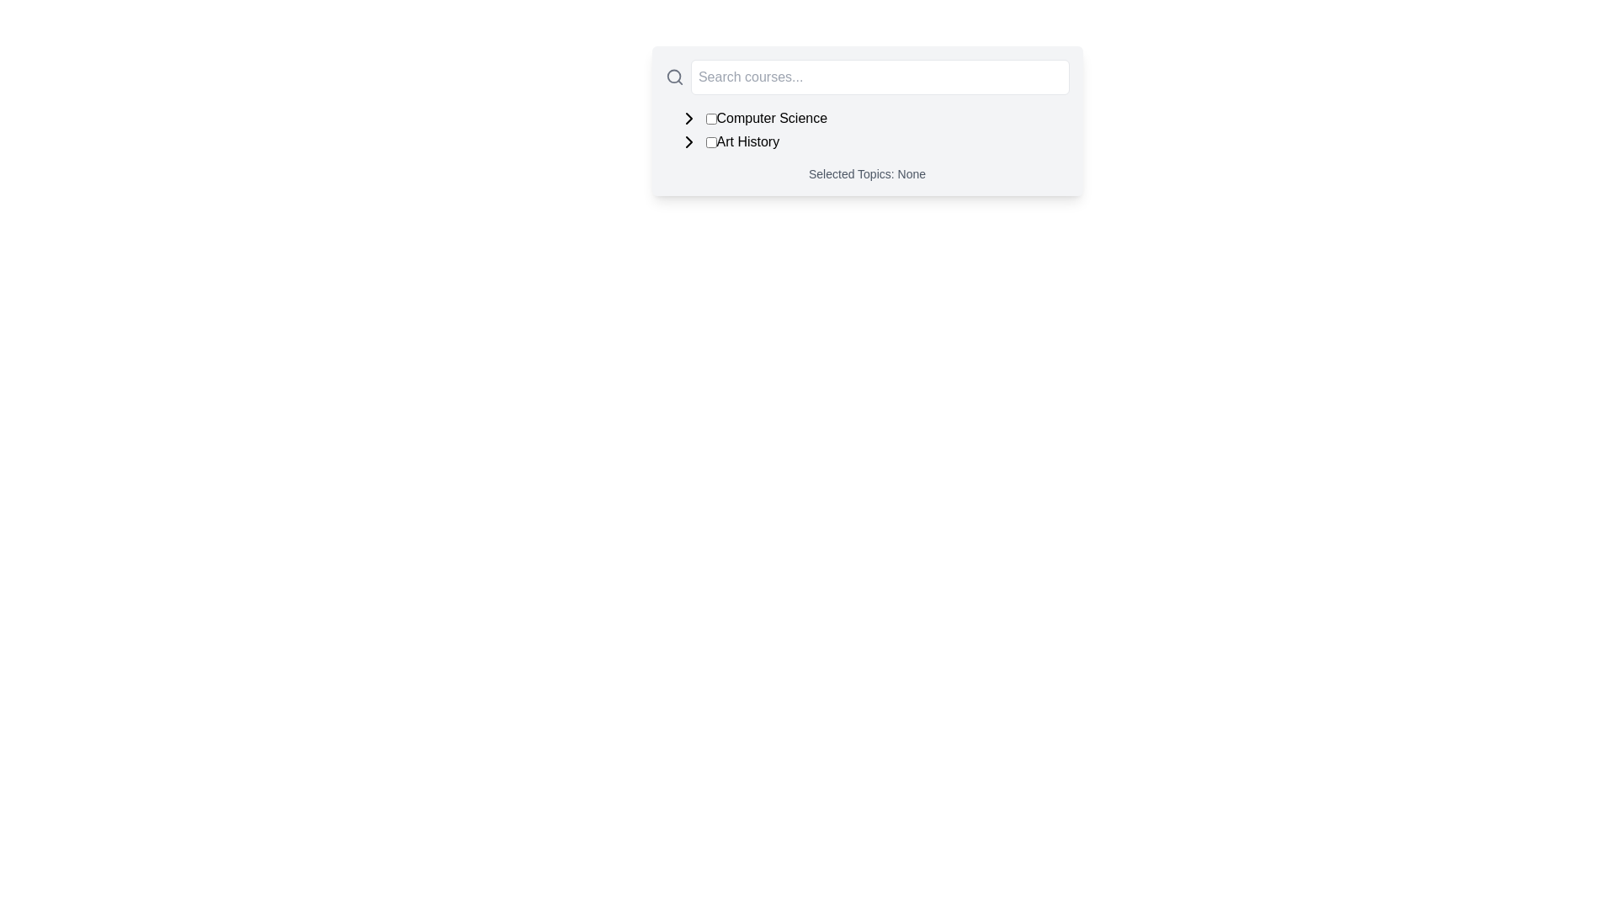 The height and width of the screenshot is (909, 1616). Describe the element at coordinates (688, 141) in the screenshot. I see `the right-facing chevron icon located to the left of the 'Art History' text label` at that location.